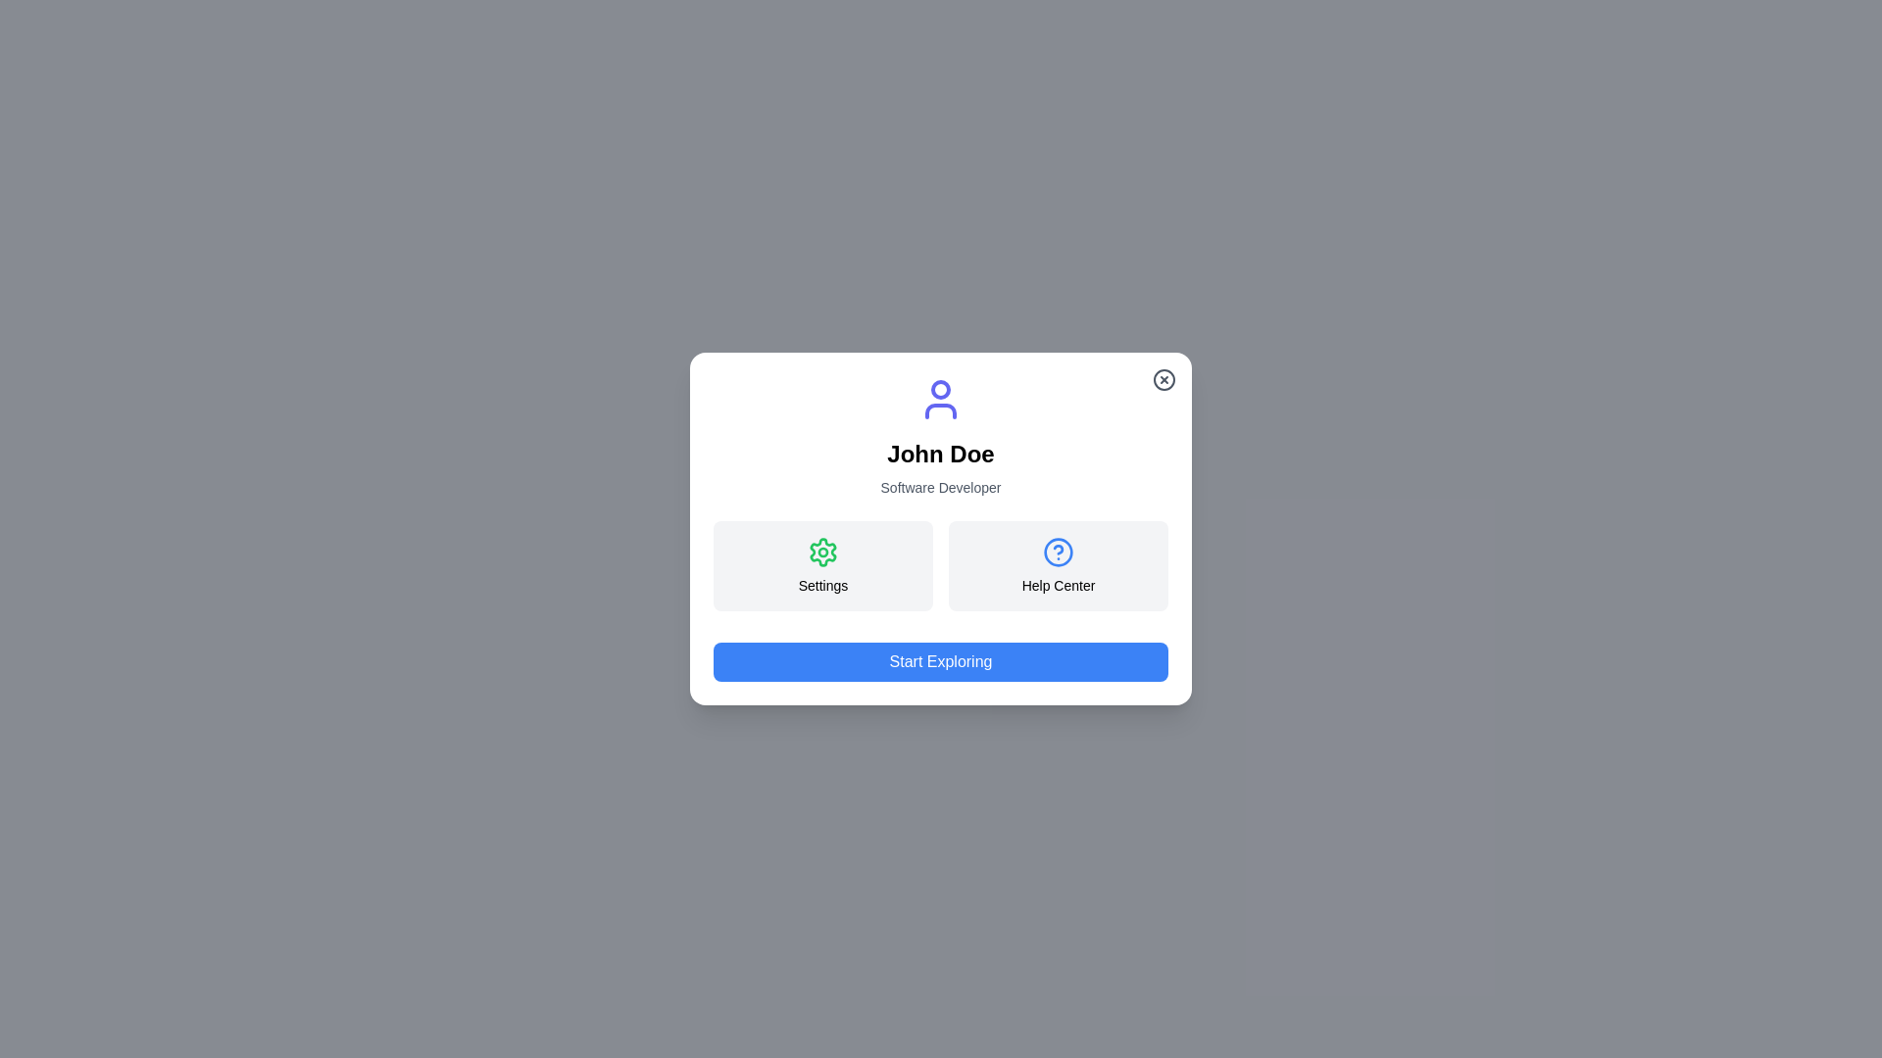 The image size is (1882, 1058). I want to click on the button at the bottom of the modal that triggers the action, so click(941, 661).